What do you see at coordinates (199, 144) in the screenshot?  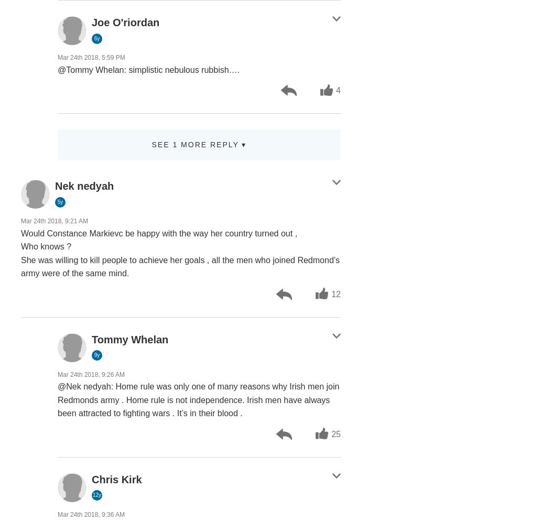 I see `'See 1 more reply   ▾'` at bounding box center [199, 144].